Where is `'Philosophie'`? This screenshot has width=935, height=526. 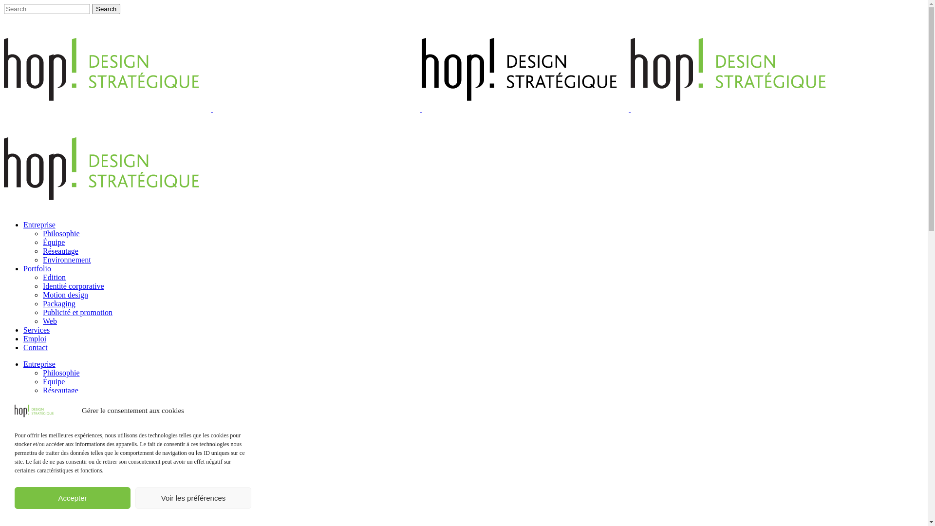 'Philosophie' is located at coordinates (60, 373).